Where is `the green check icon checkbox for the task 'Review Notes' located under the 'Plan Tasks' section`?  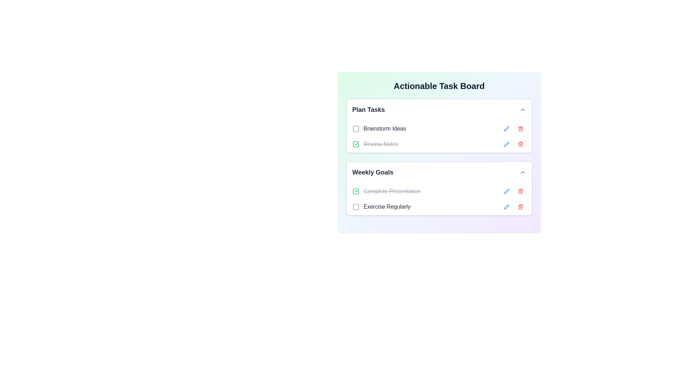
the green check icon checkbox for the task 'Review Notes' located under the 'Plan Tasks' section is located at coordinates (356, 144).